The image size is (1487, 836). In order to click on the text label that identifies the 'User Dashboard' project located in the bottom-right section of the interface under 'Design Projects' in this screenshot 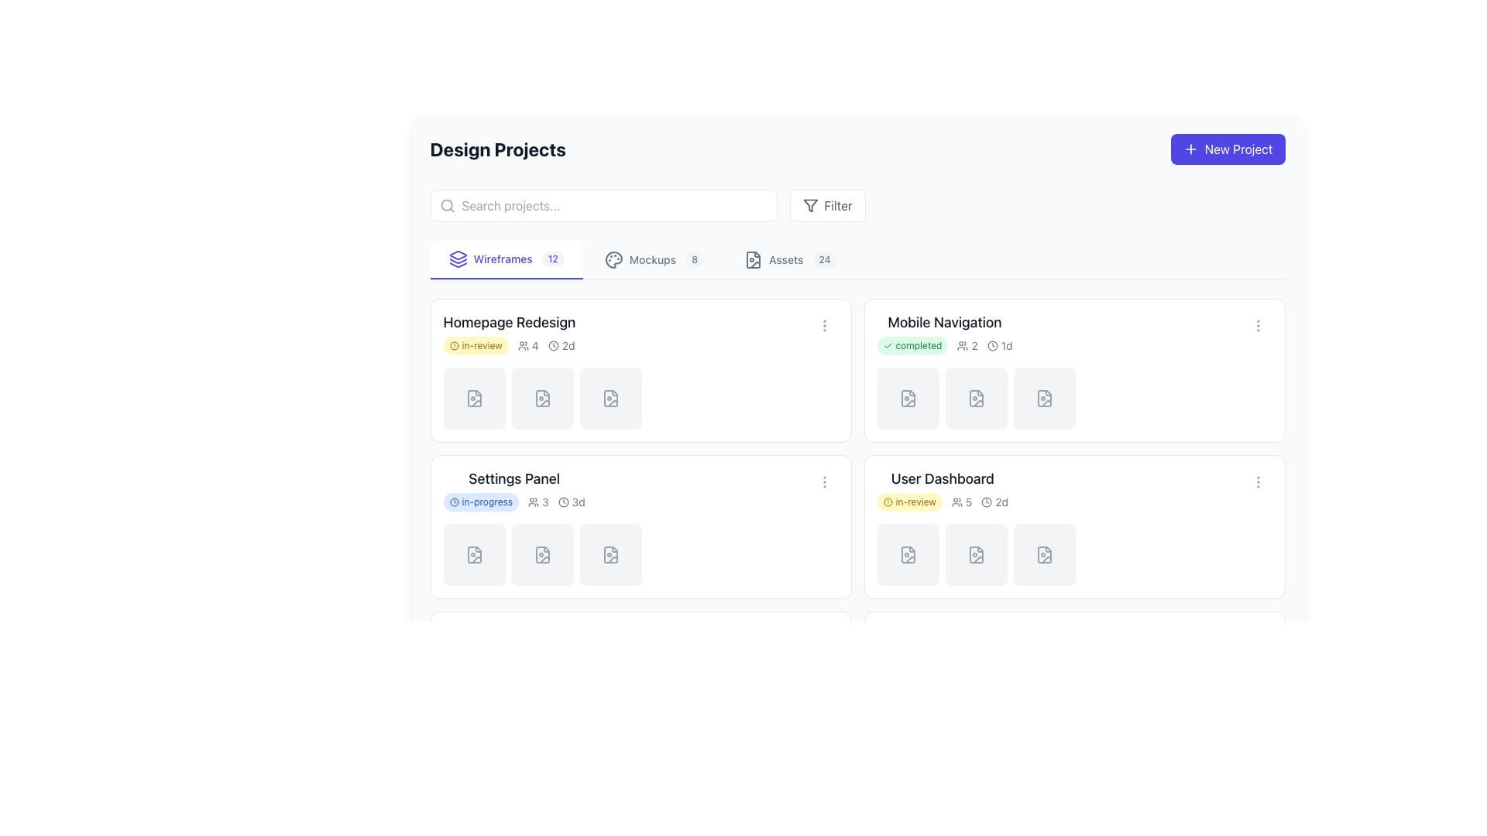, I will do `click(942, 478)`.